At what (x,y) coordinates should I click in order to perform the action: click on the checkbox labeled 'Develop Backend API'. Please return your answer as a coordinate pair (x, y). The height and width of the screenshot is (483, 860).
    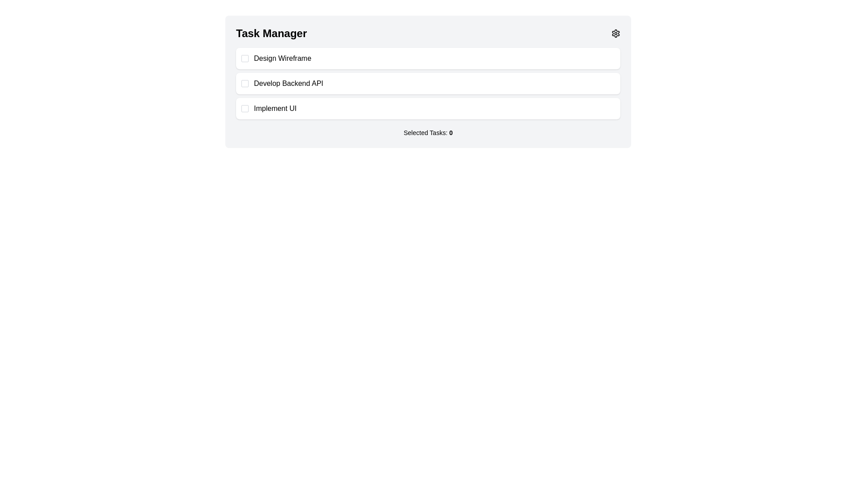
    Looking at the image, I should click on (427, 83).